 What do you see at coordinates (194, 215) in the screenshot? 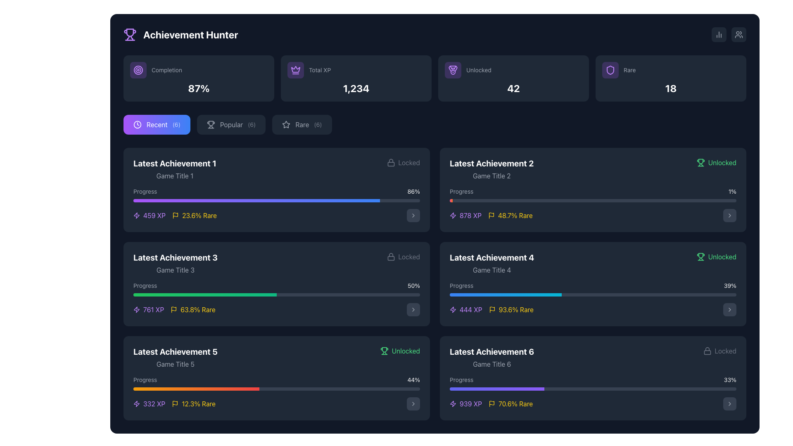
I see `the flag icon next to the rarity percentage of the achievement, which is located below the 'Latest Achievement 1' title and left of 'Progress: 86%` at bounding box center [194, 215].